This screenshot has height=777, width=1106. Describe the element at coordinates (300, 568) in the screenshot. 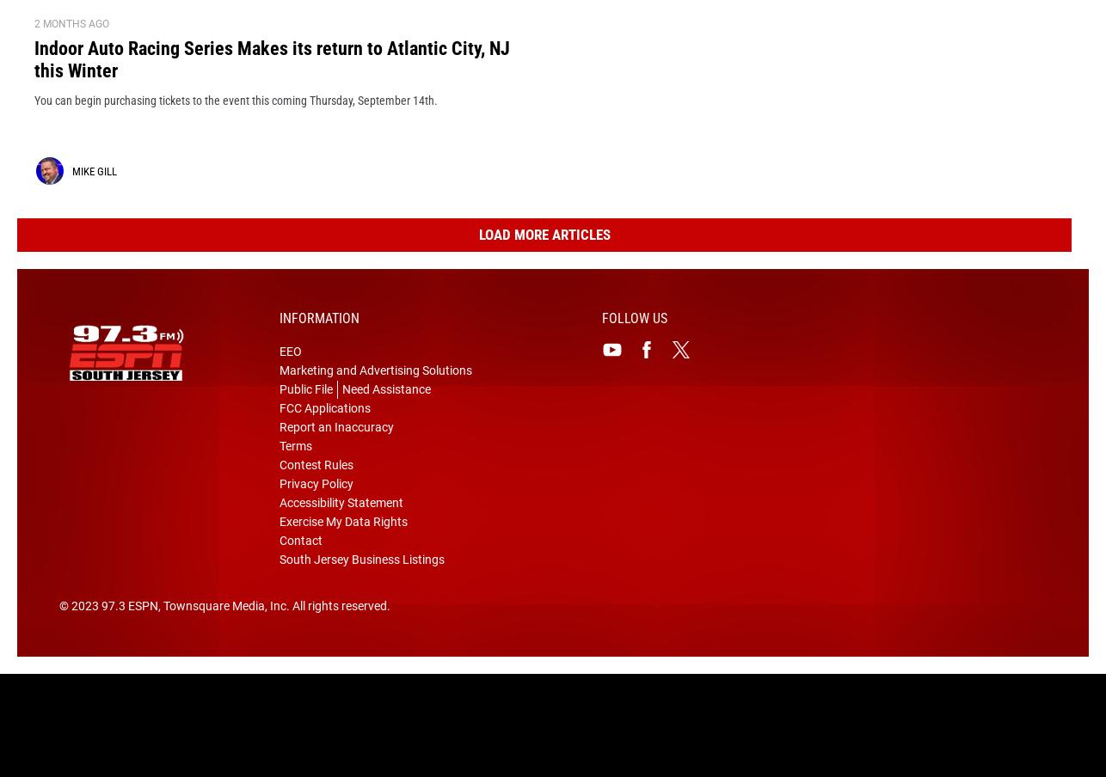

I see `'Contact'` at that location.